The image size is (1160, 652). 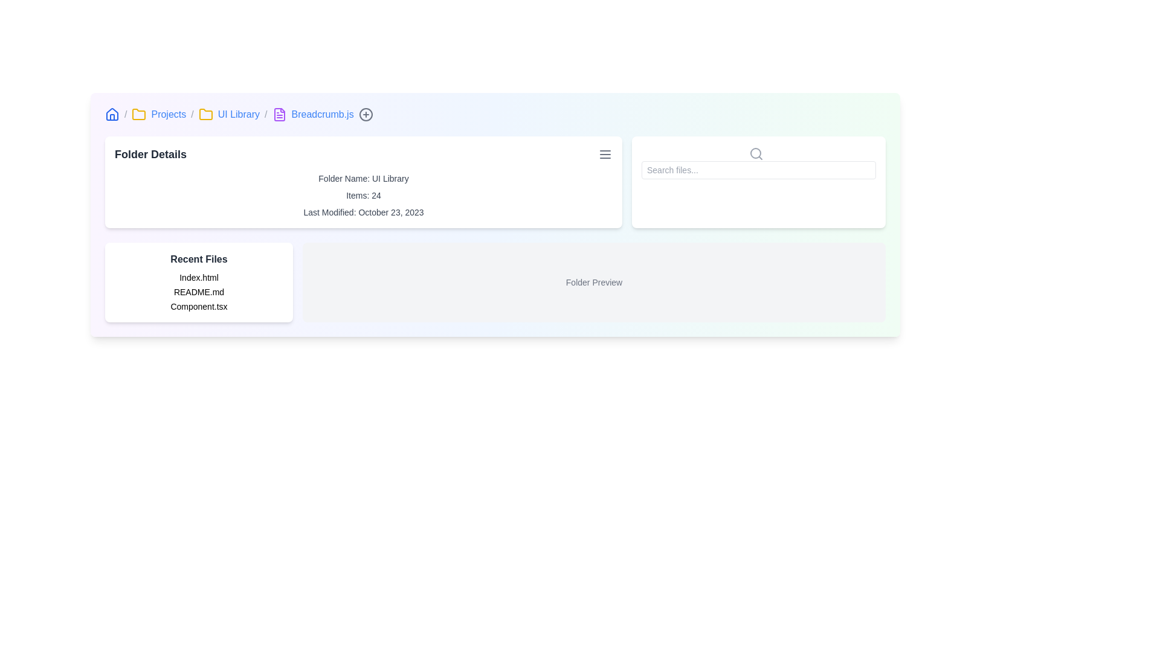 What do you see at coordinates (265, 114) in the screenshot?
I see `the fifth text separator (/) in the breadcrumb navigation, which visually separates 'UI Library' and 'Breadcrumb.js'` at bounding box center [265, 114].